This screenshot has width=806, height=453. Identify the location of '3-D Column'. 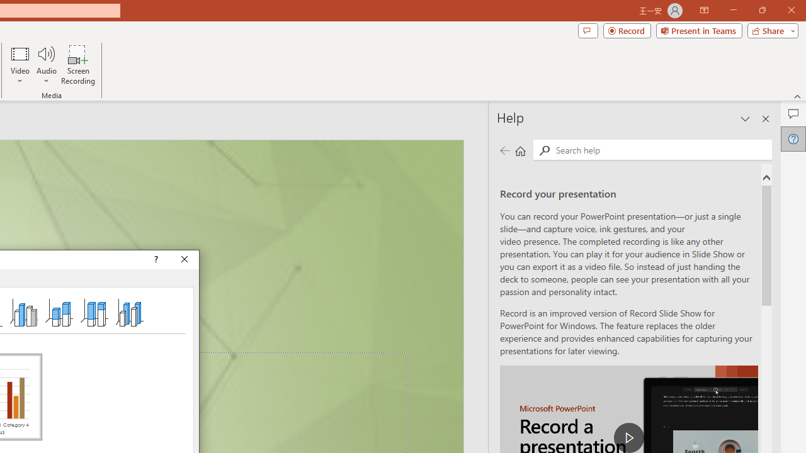
(130, 311).